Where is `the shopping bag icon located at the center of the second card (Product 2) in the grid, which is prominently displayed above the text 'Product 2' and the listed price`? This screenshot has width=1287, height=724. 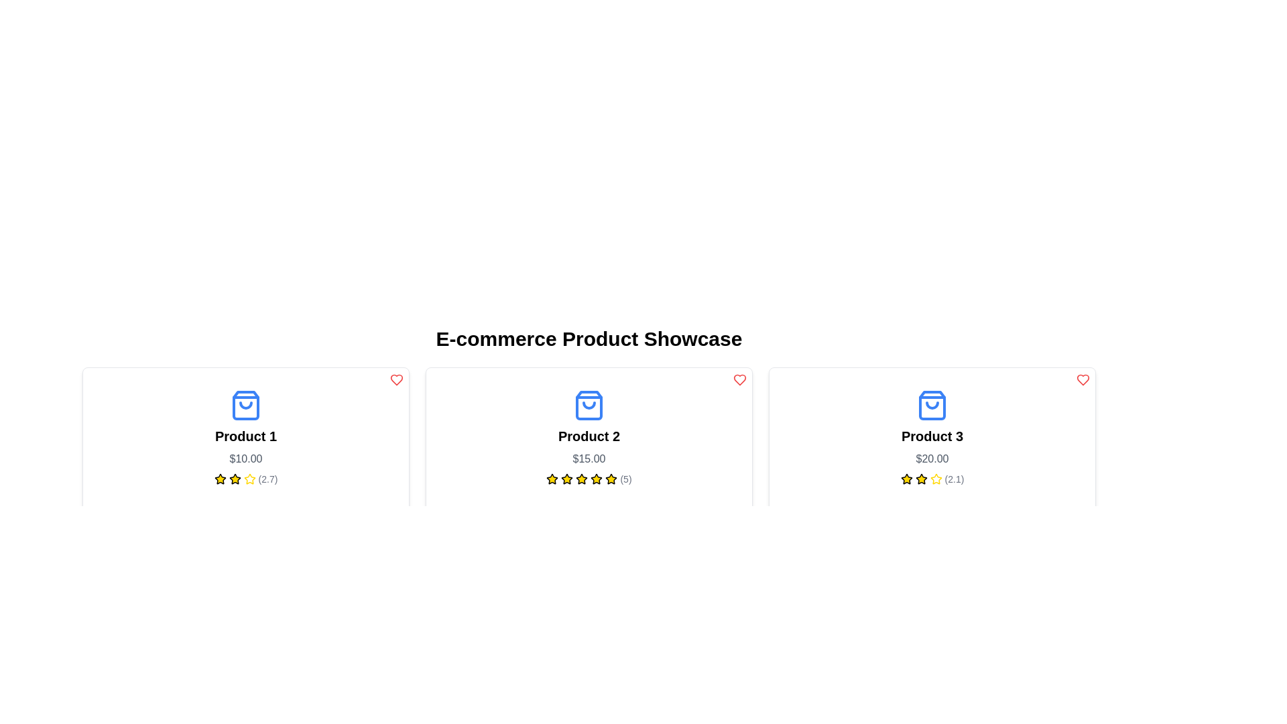
the shopping bag icon located at the center of the second card (Product 2) in the grid, which is prominently displayed above the text 'Product 2' and the listed price is located at coordinates (589, 405).